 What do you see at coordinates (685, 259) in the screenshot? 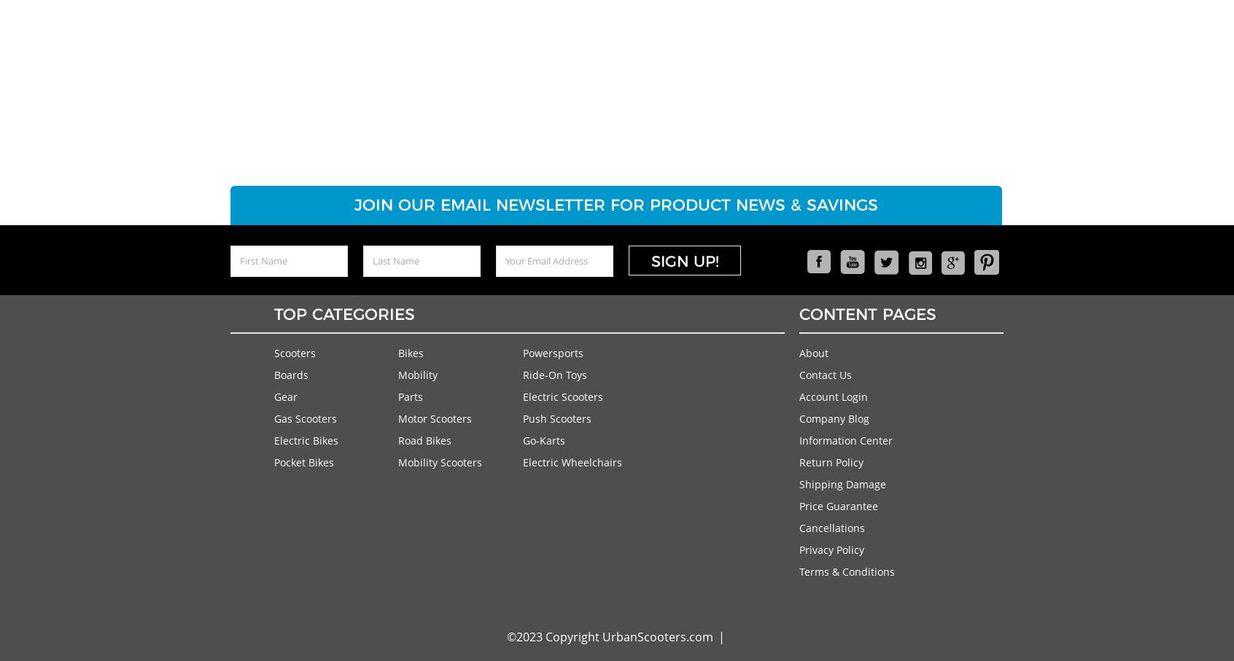
I see `'Sign Up!'` at bounding box center [685, 259].